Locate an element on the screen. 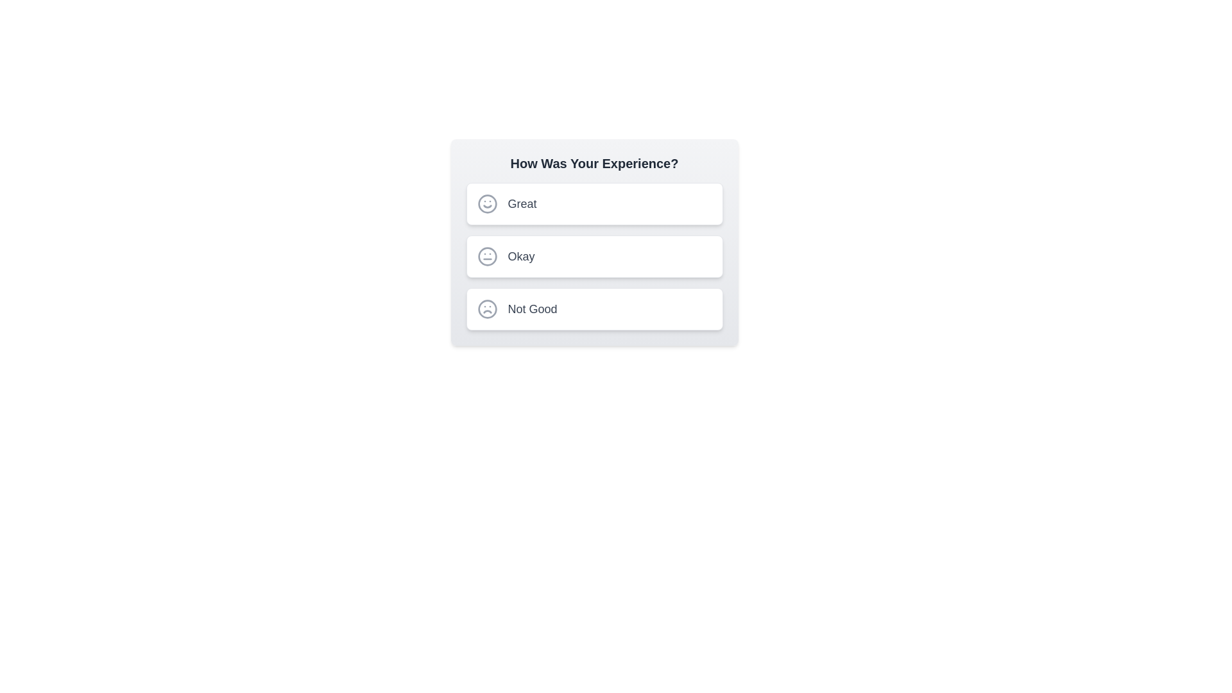  the text label reading 'Not Good', which is styled in medium dark gray font and positioned within an interactive area as the third choice in a vertical list is located at coordinates (533, 309).